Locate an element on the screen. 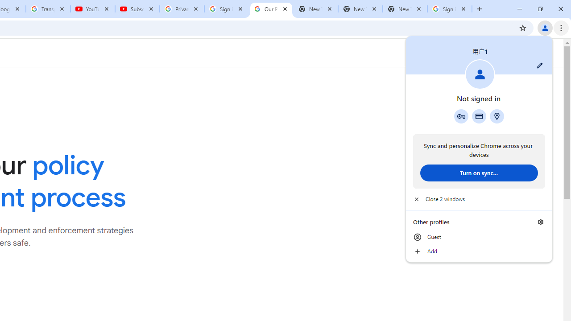  'New Tab' is located at coordinates (404, 9).